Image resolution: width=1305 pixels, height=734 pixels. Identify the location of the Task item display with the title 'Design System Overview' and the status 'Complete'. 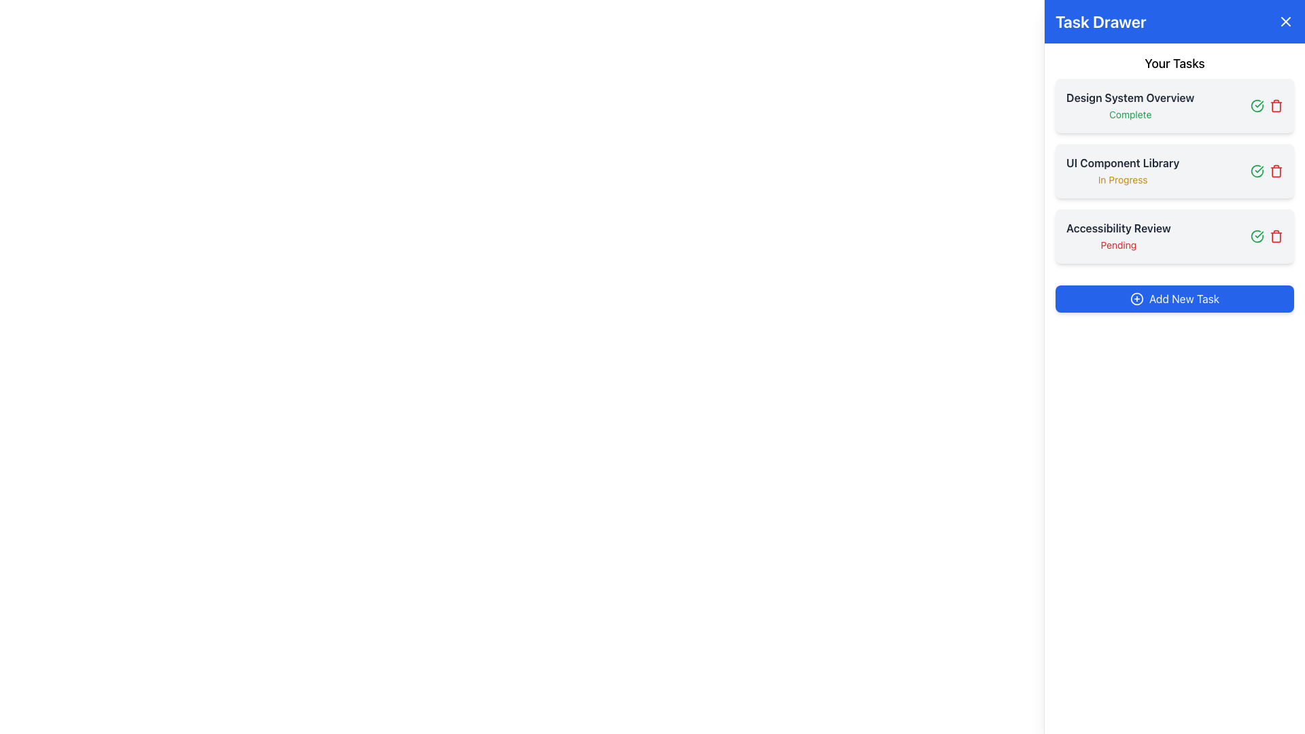
(1130, 105).